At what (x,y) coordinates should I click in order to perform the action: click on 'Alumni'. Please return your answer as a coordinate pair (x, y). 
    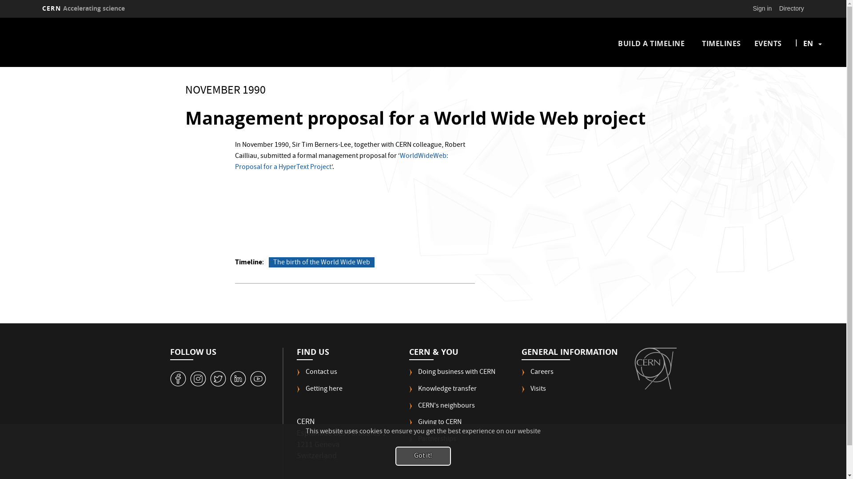
    Looking at the image, I should click on (424, 459).